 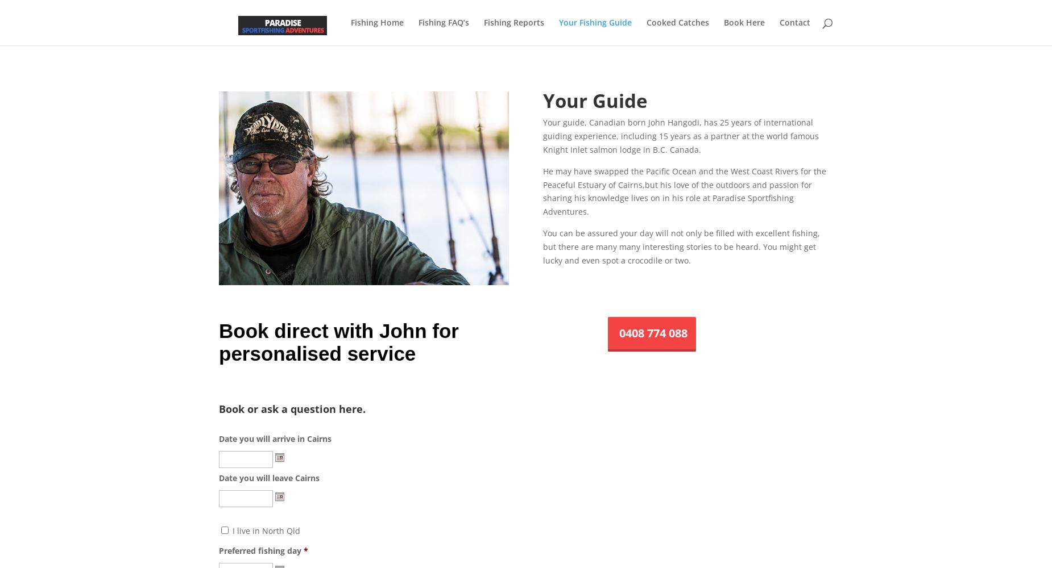 I want to click on 'Fishing Reports', so click(x=513, y=22).